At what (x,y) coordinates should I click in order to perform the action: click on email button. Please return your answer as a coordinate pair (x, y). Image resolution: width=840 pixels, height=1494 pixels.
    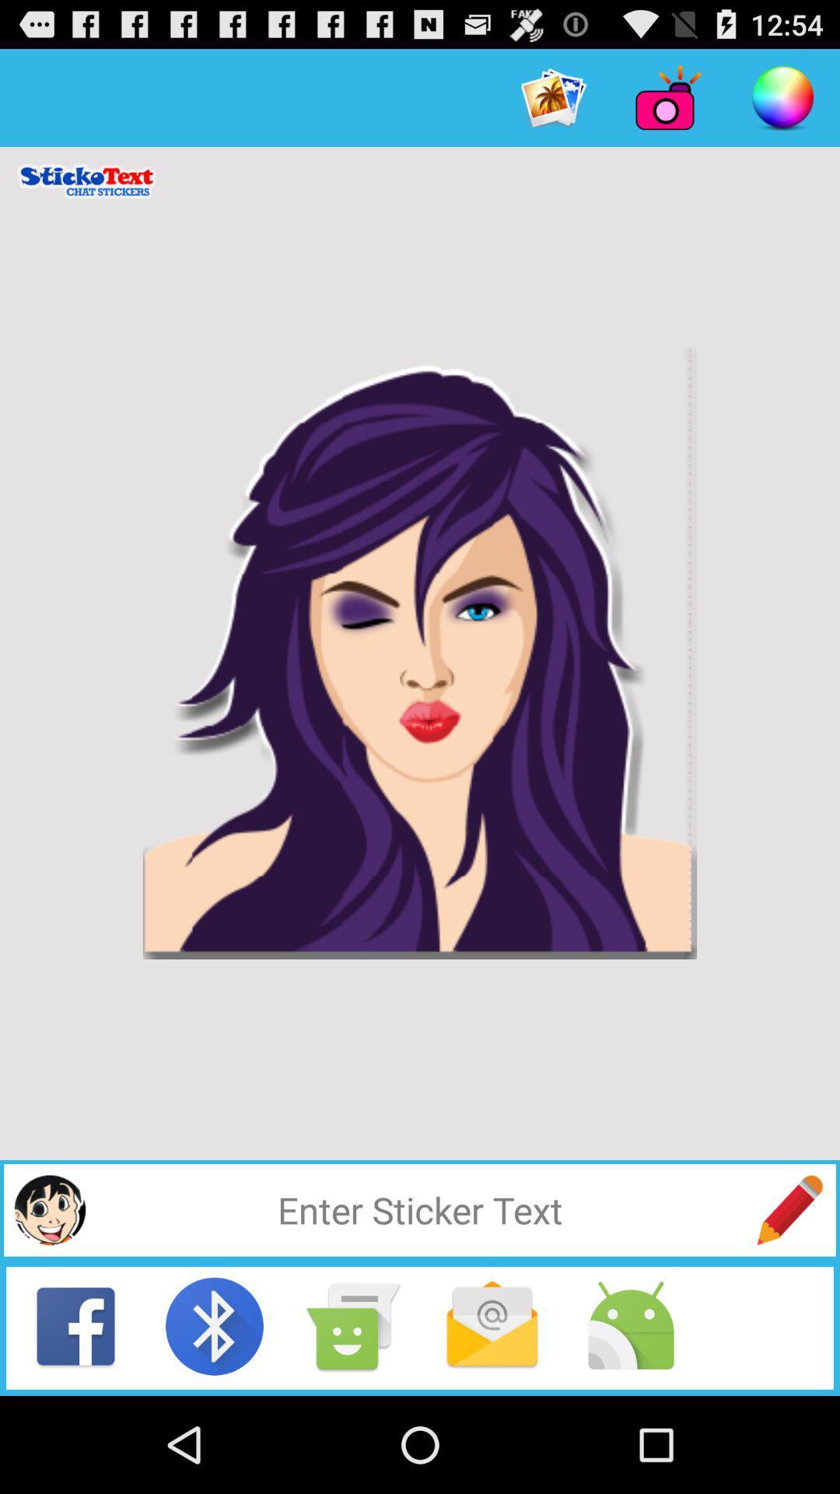
    Looking at the image, I should click on (492, 1325).